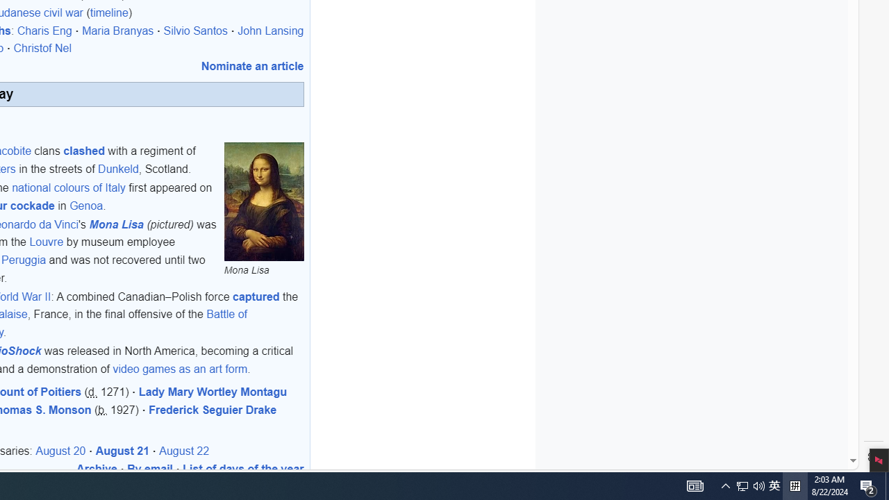 Image resolution: width=889 pixels, height=500 pixels. What do you see at coordinates (108, 13) in the screenshot?
I see `'(timeline)'` at bounding box center [108, 13].